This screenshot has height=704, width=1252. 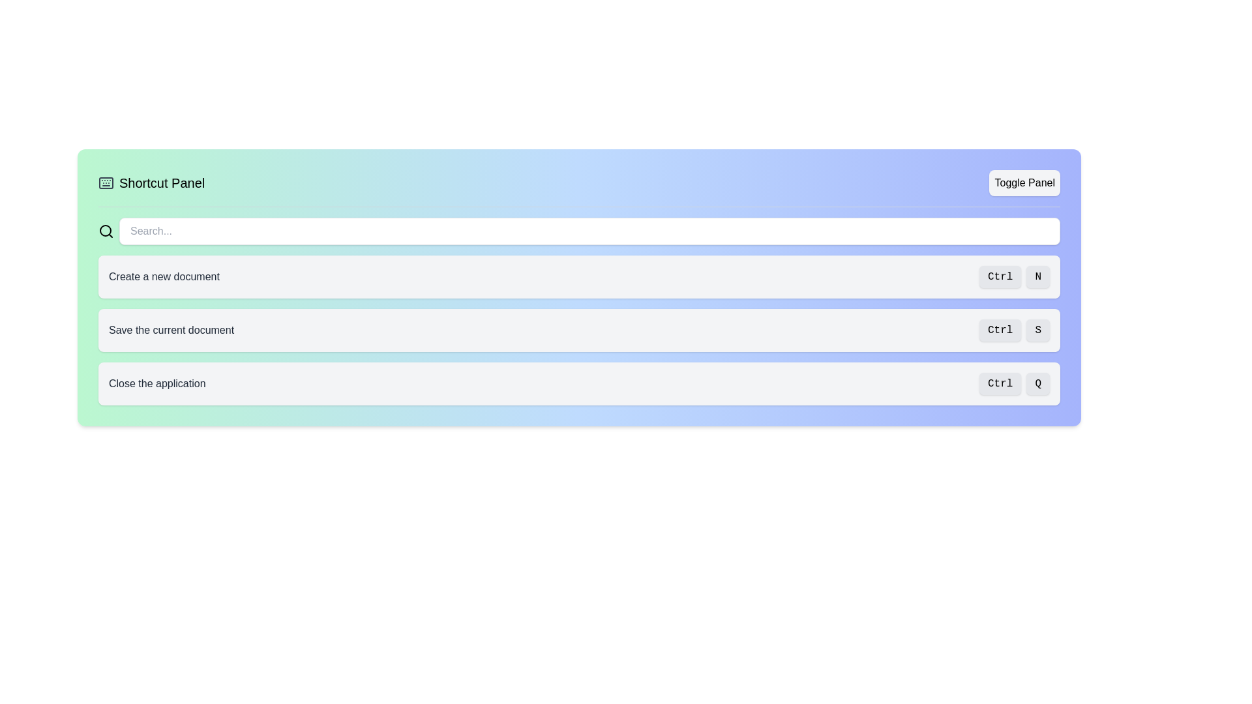 I want to click on the central circular part of the magnifying glass icon, which is part of the search icon located to the left of the search bar in the Shortcut Panel, so click(x=106, y=230).